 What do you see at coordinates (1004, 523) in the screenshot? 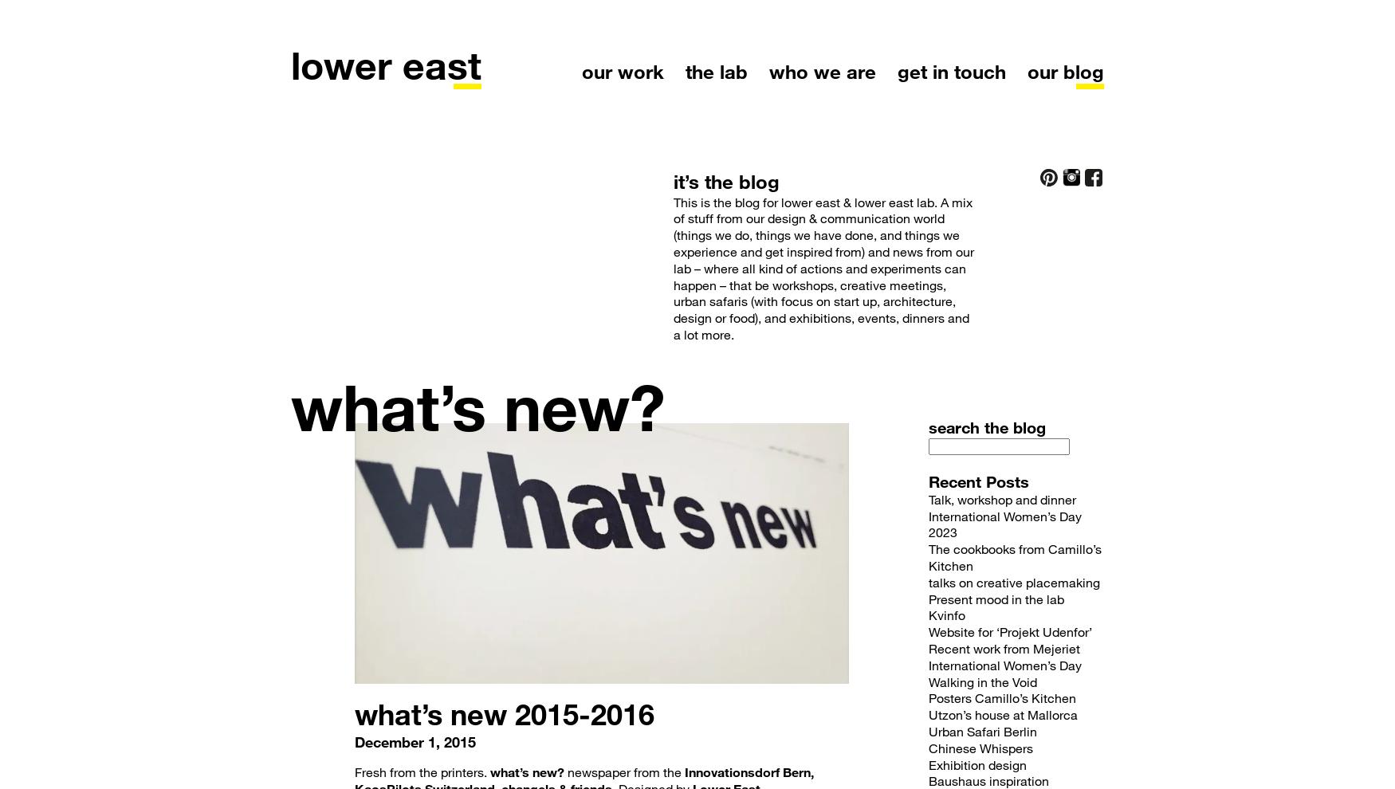
I see `'International Women’s Day 2023'` at bounding box center [1004, 523].